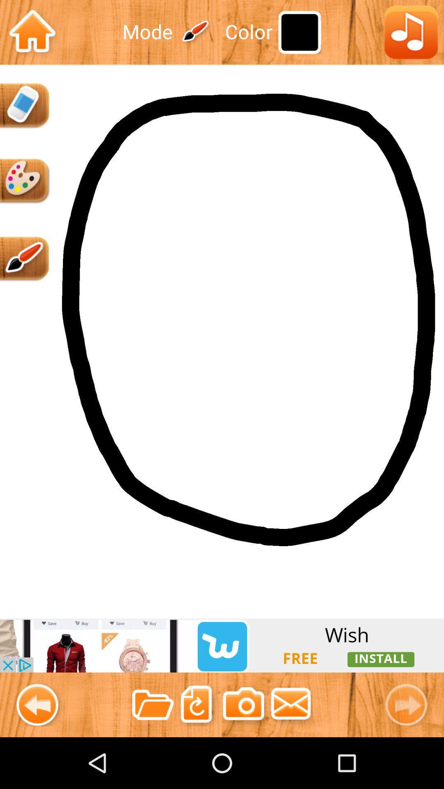 The width and height of the screenshot is (444, 789). Describe the element at coordinates (25, 258) in the screenshot. I see `draw` at that location.